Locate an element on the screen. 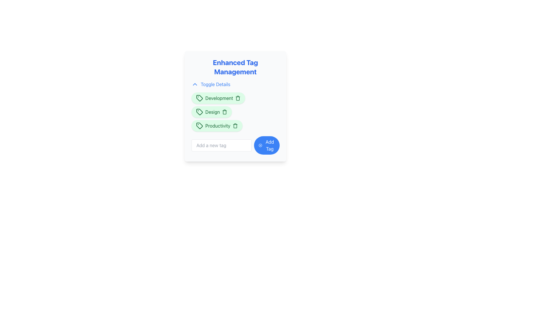  the third tag in the vertical stack, which is located below the 'Design' tag and serves as a label for categorization is located at coordinates (217, 125).